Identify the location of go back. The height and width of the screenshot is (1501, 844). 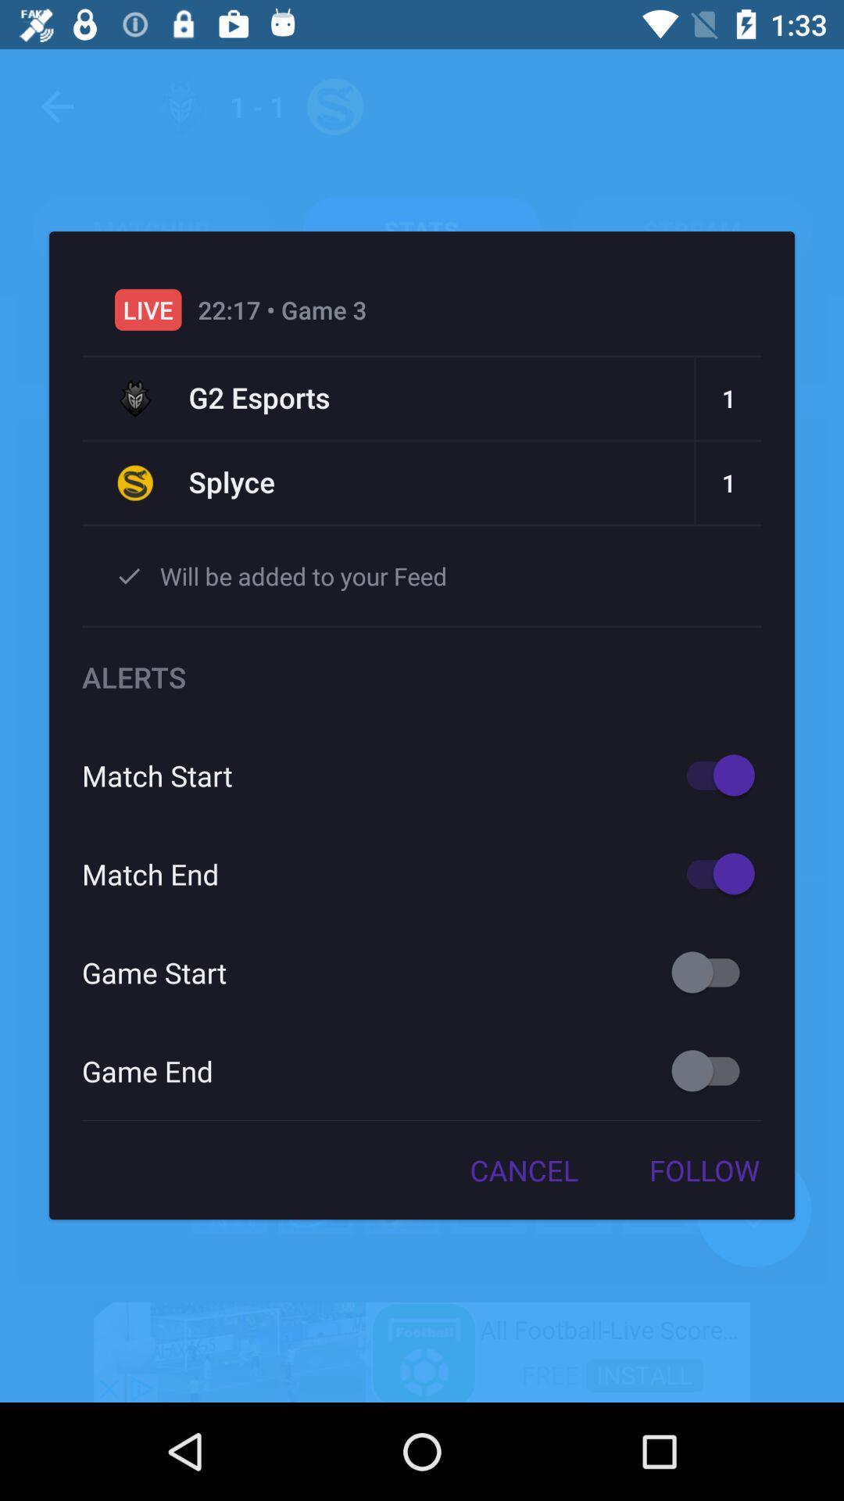
(713, 1069).